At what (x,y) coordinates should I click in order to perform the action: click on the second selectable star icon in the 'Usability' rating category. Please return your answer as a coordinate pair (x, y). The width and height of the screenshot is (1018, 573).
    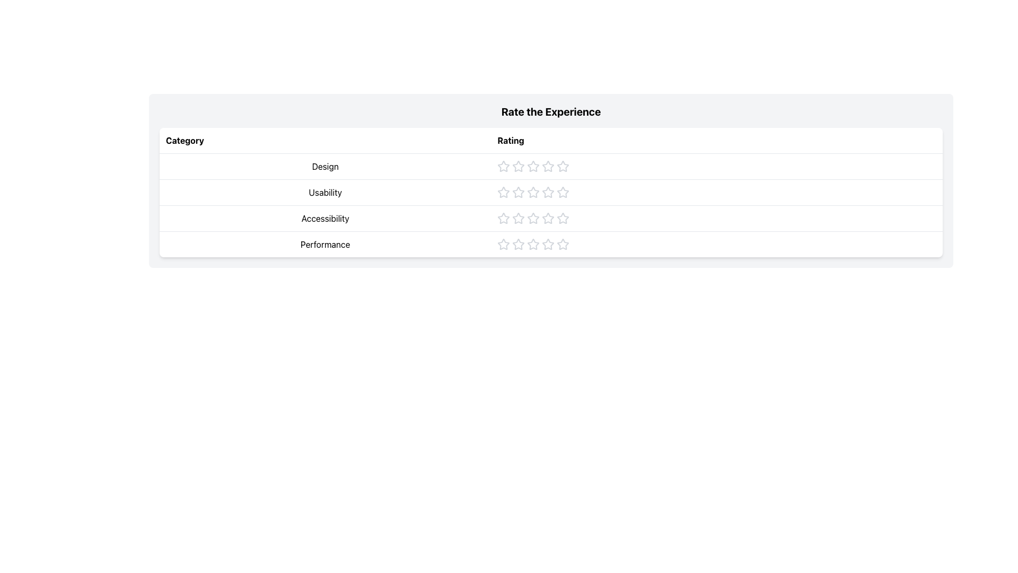
    Looking at the image, I should click on (519, 192).